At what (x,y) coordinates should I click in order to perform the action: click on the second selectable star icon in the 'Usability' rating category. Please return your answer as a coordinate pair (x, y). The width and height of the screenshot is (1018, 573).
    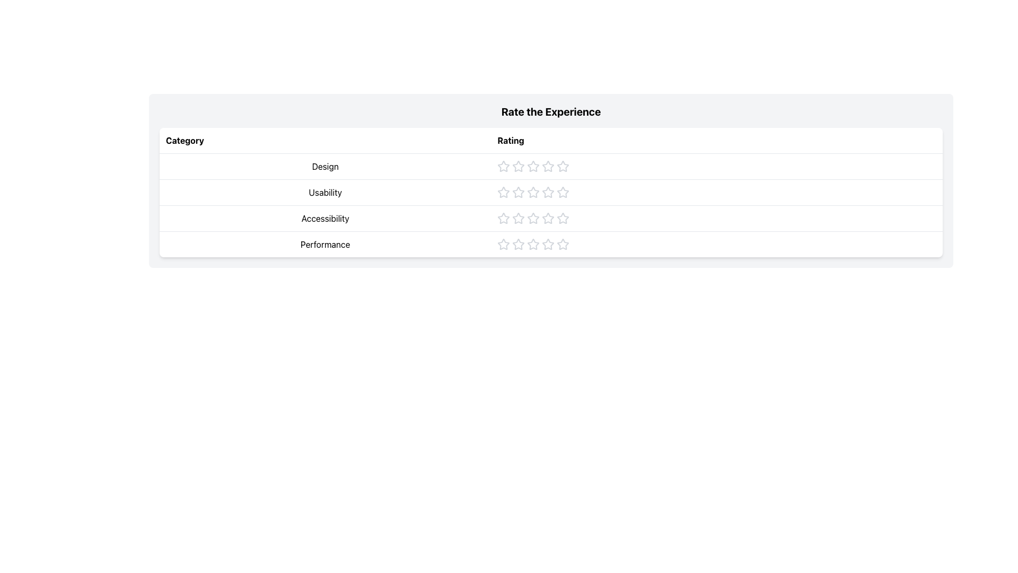
    Looking at the image, I should click on (519, 192).